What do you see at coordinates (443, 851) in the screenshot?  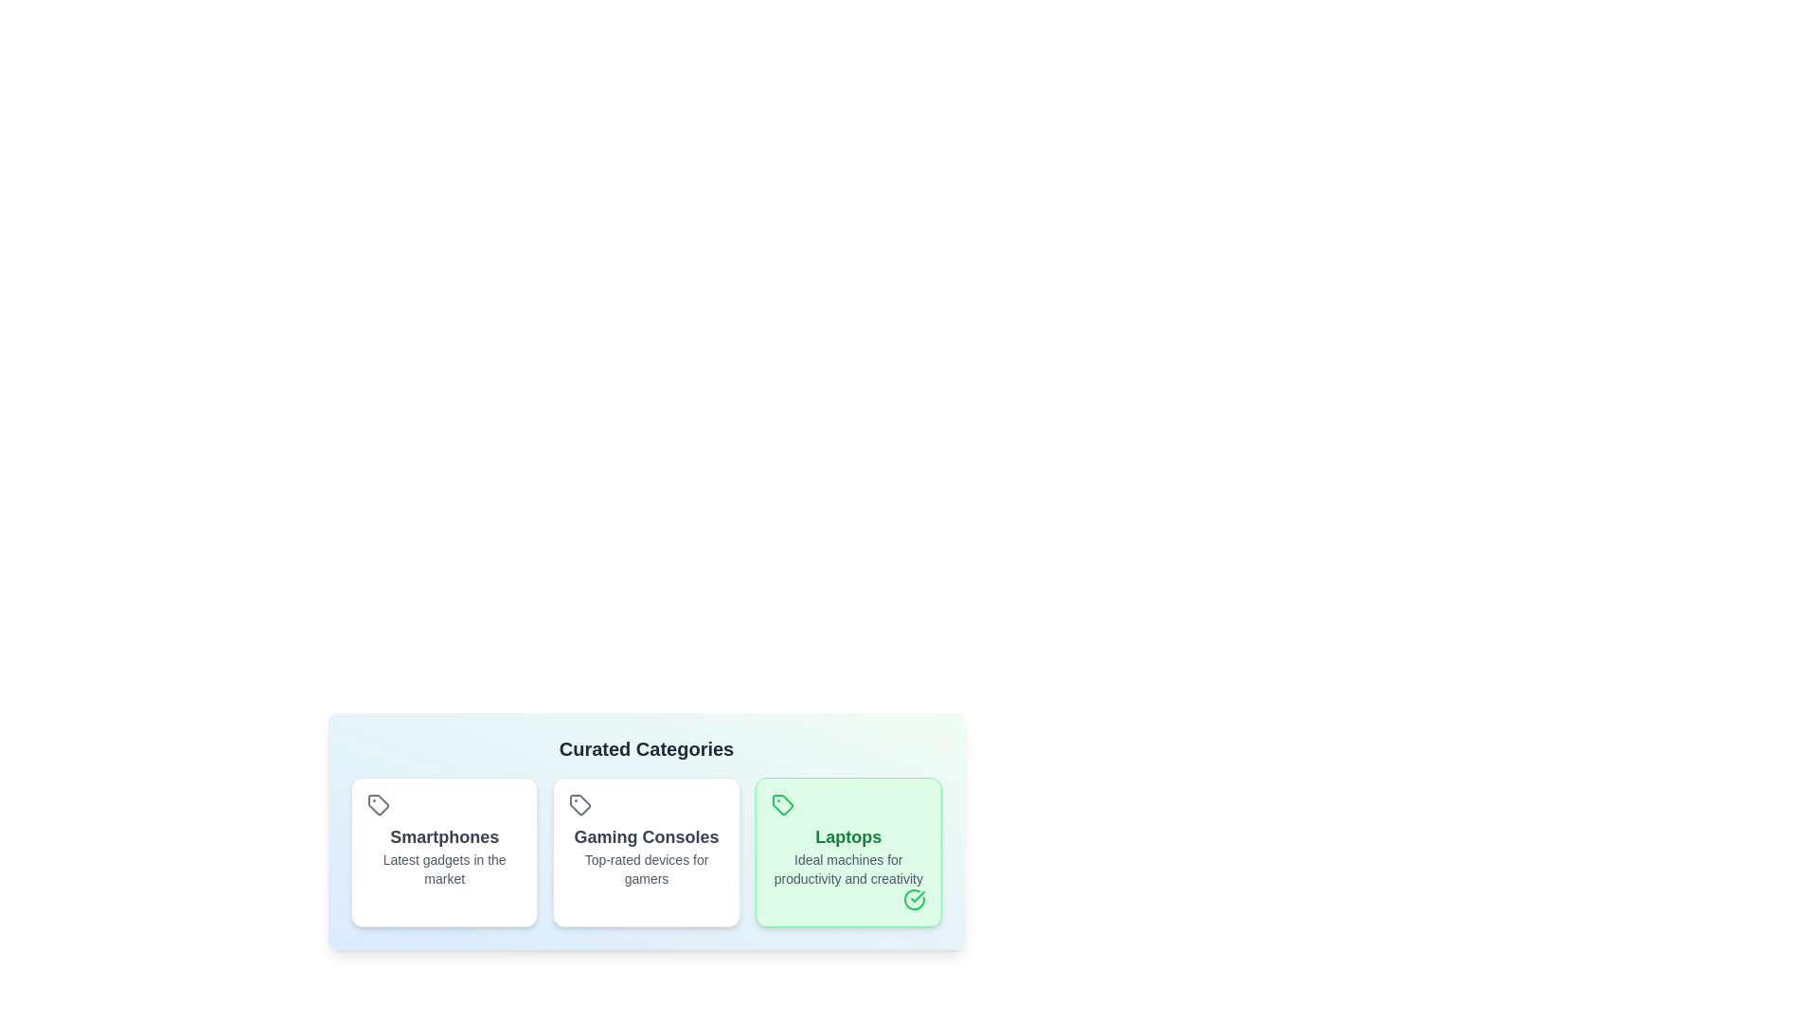 I see `the chip labeled 'Smartphones'` at bounding box center [443, 851].